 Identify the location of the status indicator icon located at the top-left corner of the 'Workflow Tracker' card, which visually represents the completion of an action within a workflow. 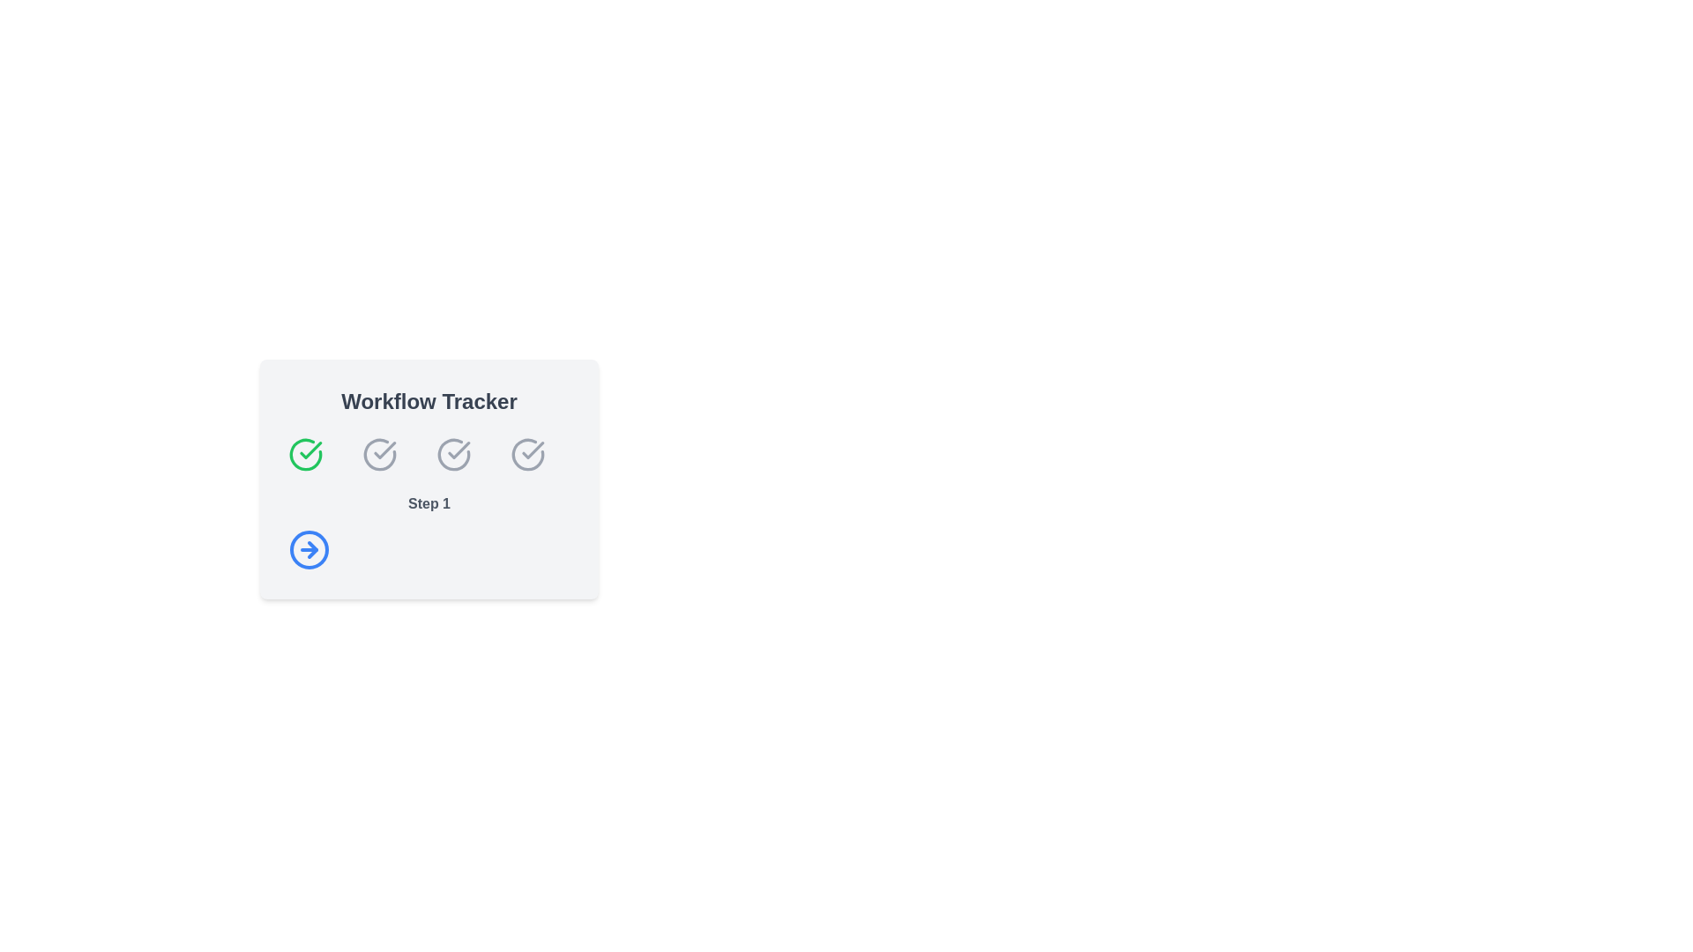
(305, 454).